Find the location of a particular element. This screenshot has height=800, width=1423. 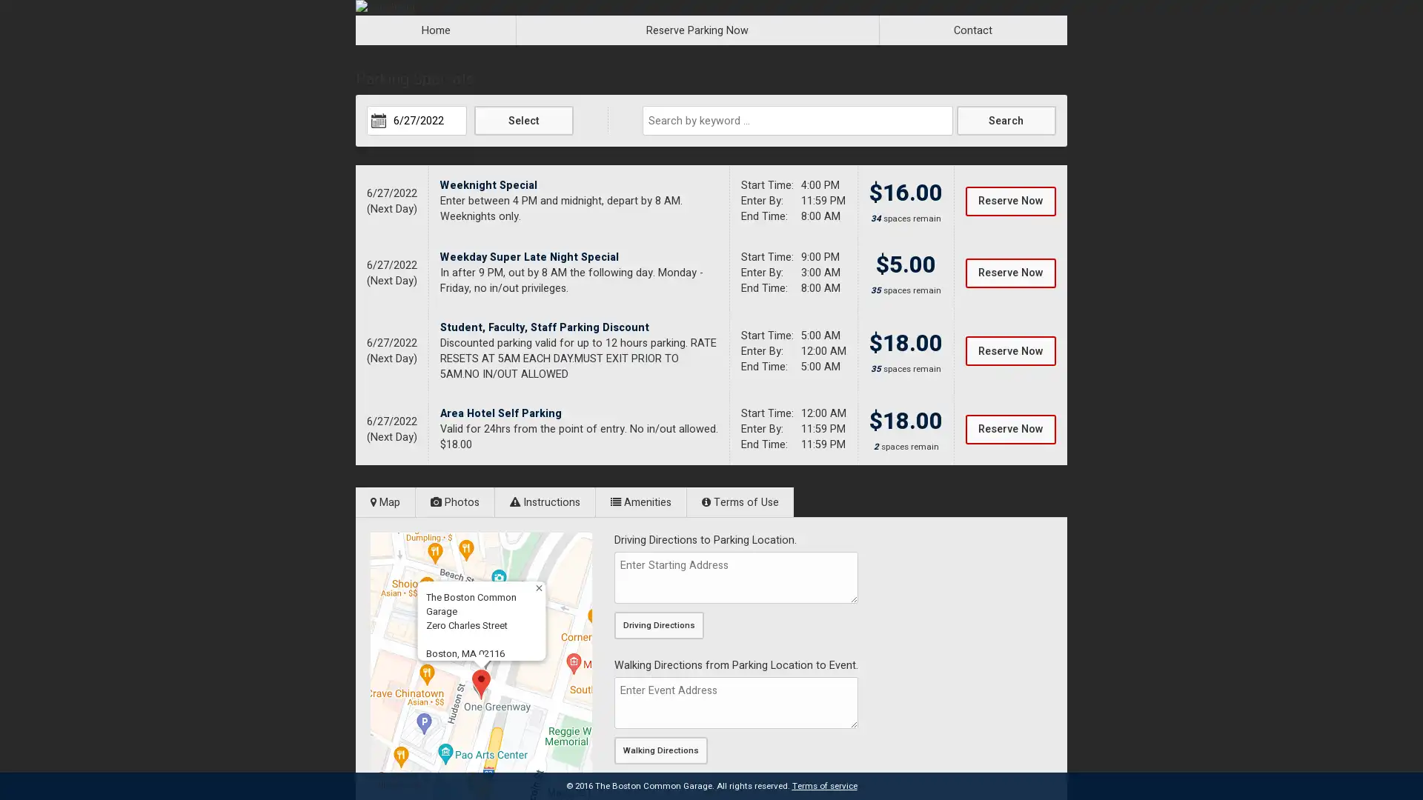

Reserve Now is located at coordinates (1009, 428).